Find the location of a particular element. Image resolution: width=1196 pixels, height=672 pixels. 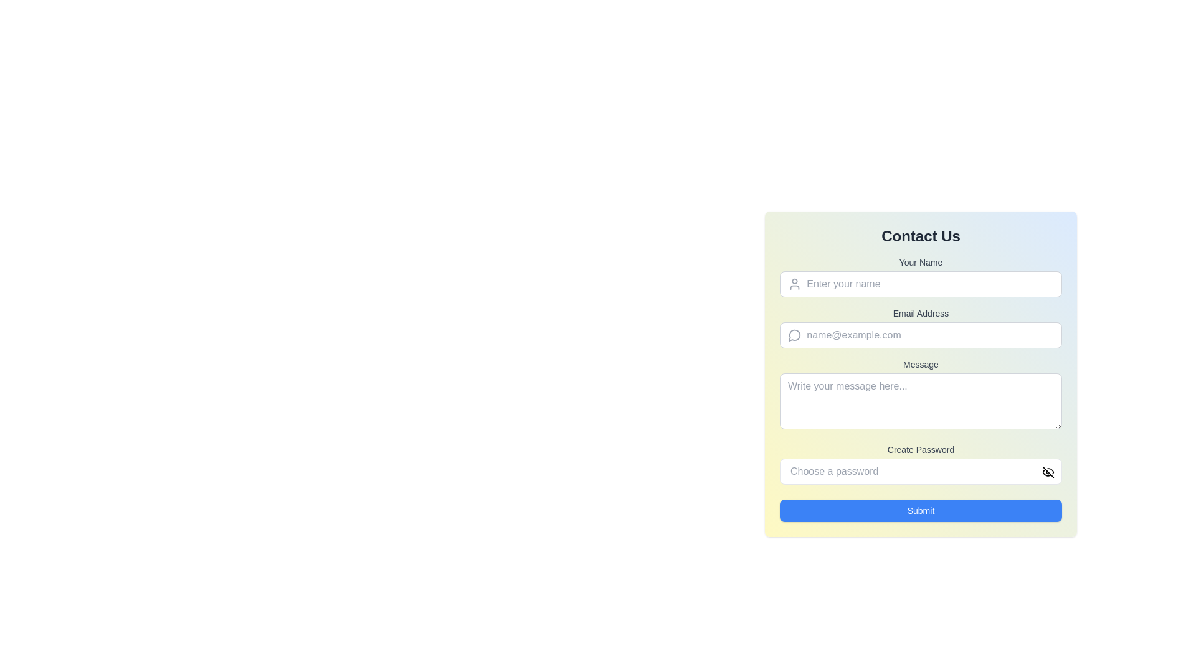

the 'Email Address' input field in the 'Contact Us' form is located at coordinates (921, 327).